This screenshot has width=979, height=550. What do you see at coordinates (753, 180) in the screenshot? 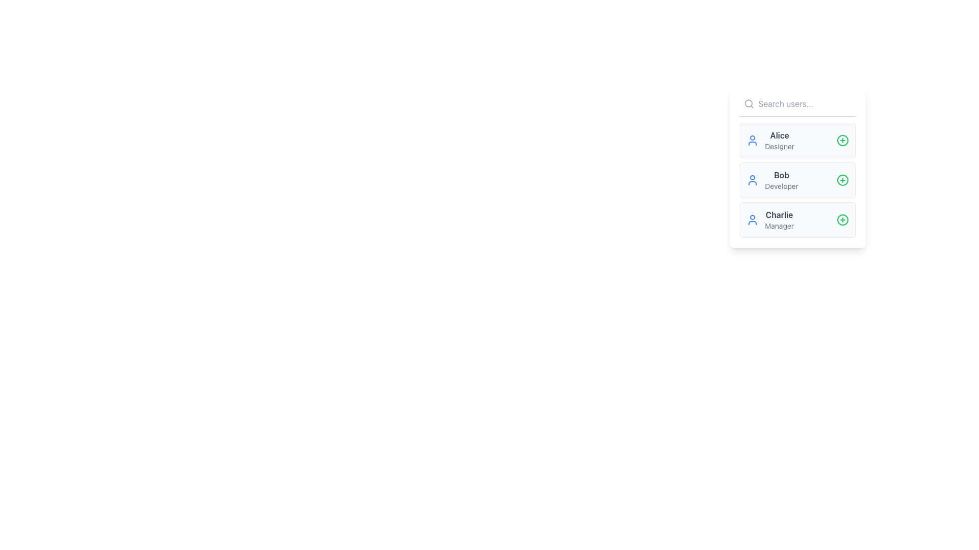
I see `the user icon with a blue outline representing 'Bob Developer', located at the start of the list row` at bounding box center [753, 180].